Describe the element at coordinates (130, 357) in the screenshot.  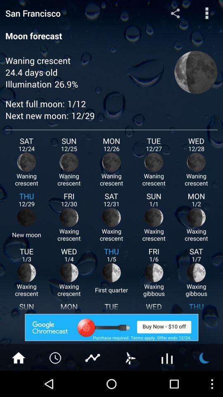
I see `wind speed` at that location.